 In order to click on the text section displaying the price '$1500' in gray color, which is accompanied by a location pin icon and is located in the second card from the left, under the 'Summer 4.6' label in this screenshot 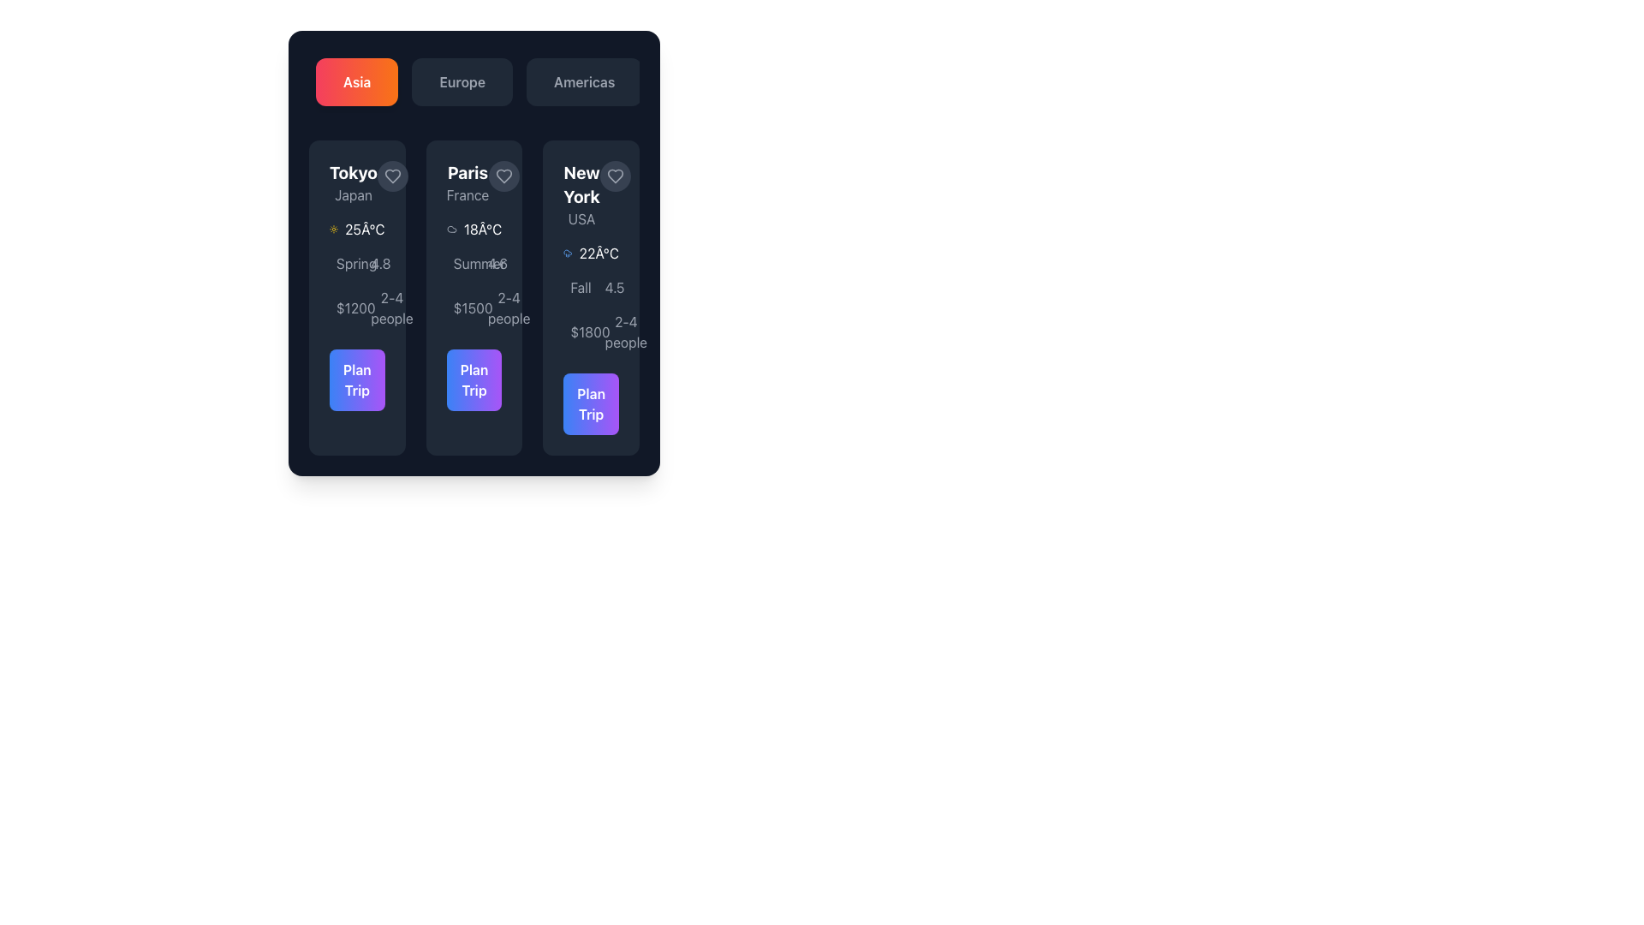, I will do `click(456, 307)`.